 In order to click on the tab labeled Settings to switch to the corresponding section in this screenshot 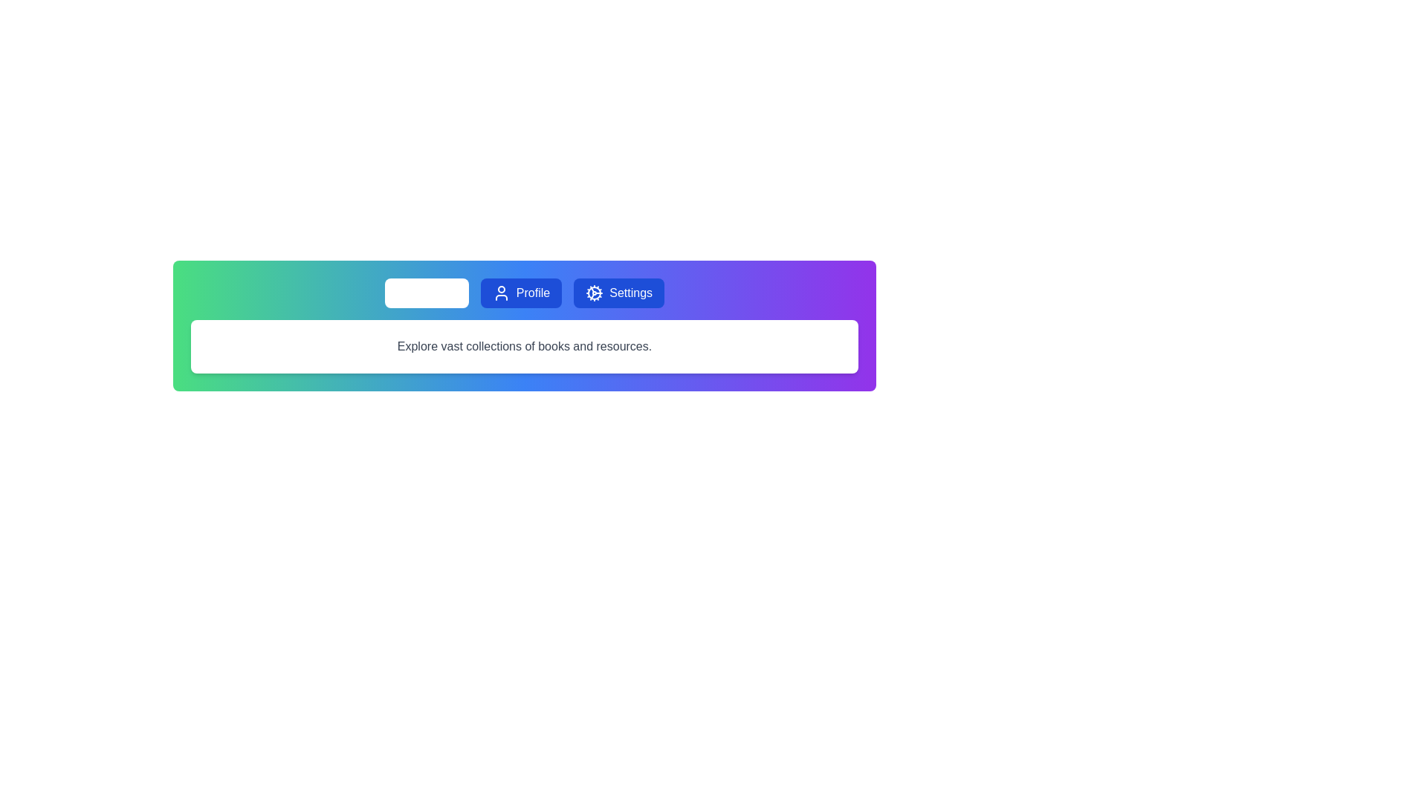, I will do `click(619, 293)`.